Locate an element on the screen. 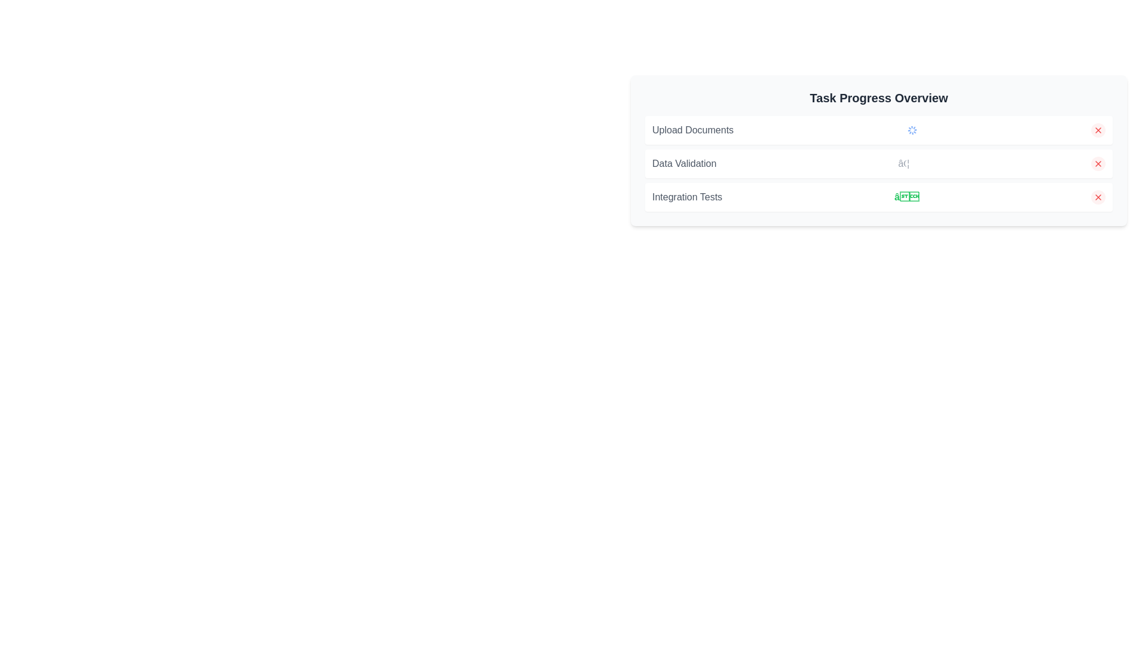  the Close or Dismiss button represented by an 'X' icon, styled with a red stroke, located within the Task Progress Overview panel is located at coordinates (1098, 130).